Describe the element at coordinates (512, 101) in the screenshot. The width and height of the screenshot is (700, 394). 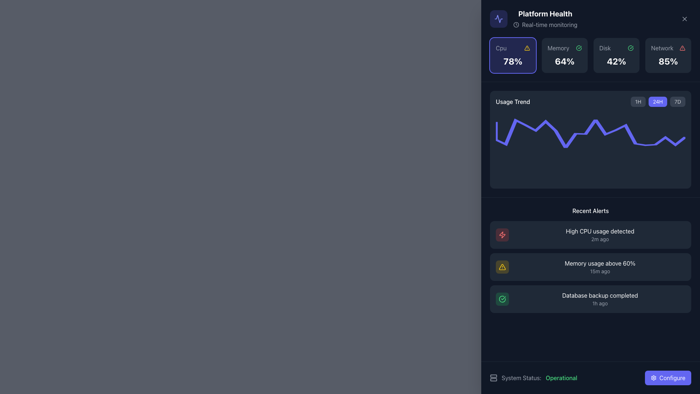
I see `the Text label that indicates the usage trend, positioned above the chart area and left of the '1H', '24H', and '7D' buttons` at that location.